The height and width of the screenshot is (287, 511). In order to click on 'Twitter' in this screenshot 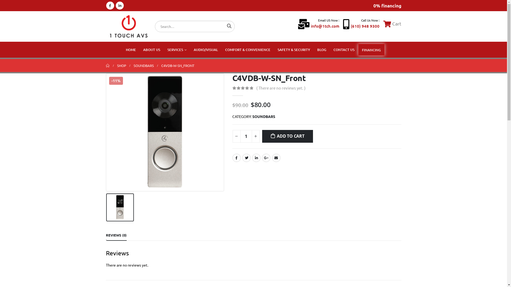, I will do `click(246, 158)`.